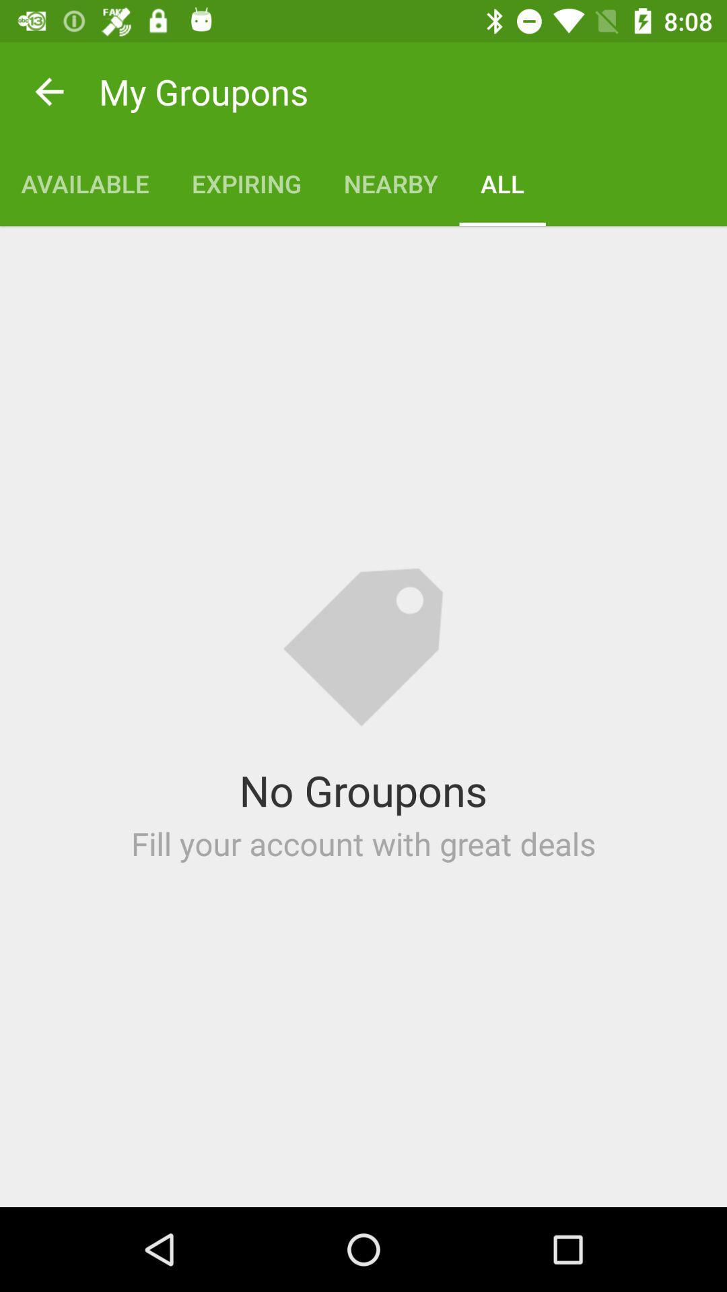 The image size is (727, 1292). What do you see at coordinates (390, 183) in the screenshot?
I see `app to the right of the expiring item` at bounding box center [390, 183].